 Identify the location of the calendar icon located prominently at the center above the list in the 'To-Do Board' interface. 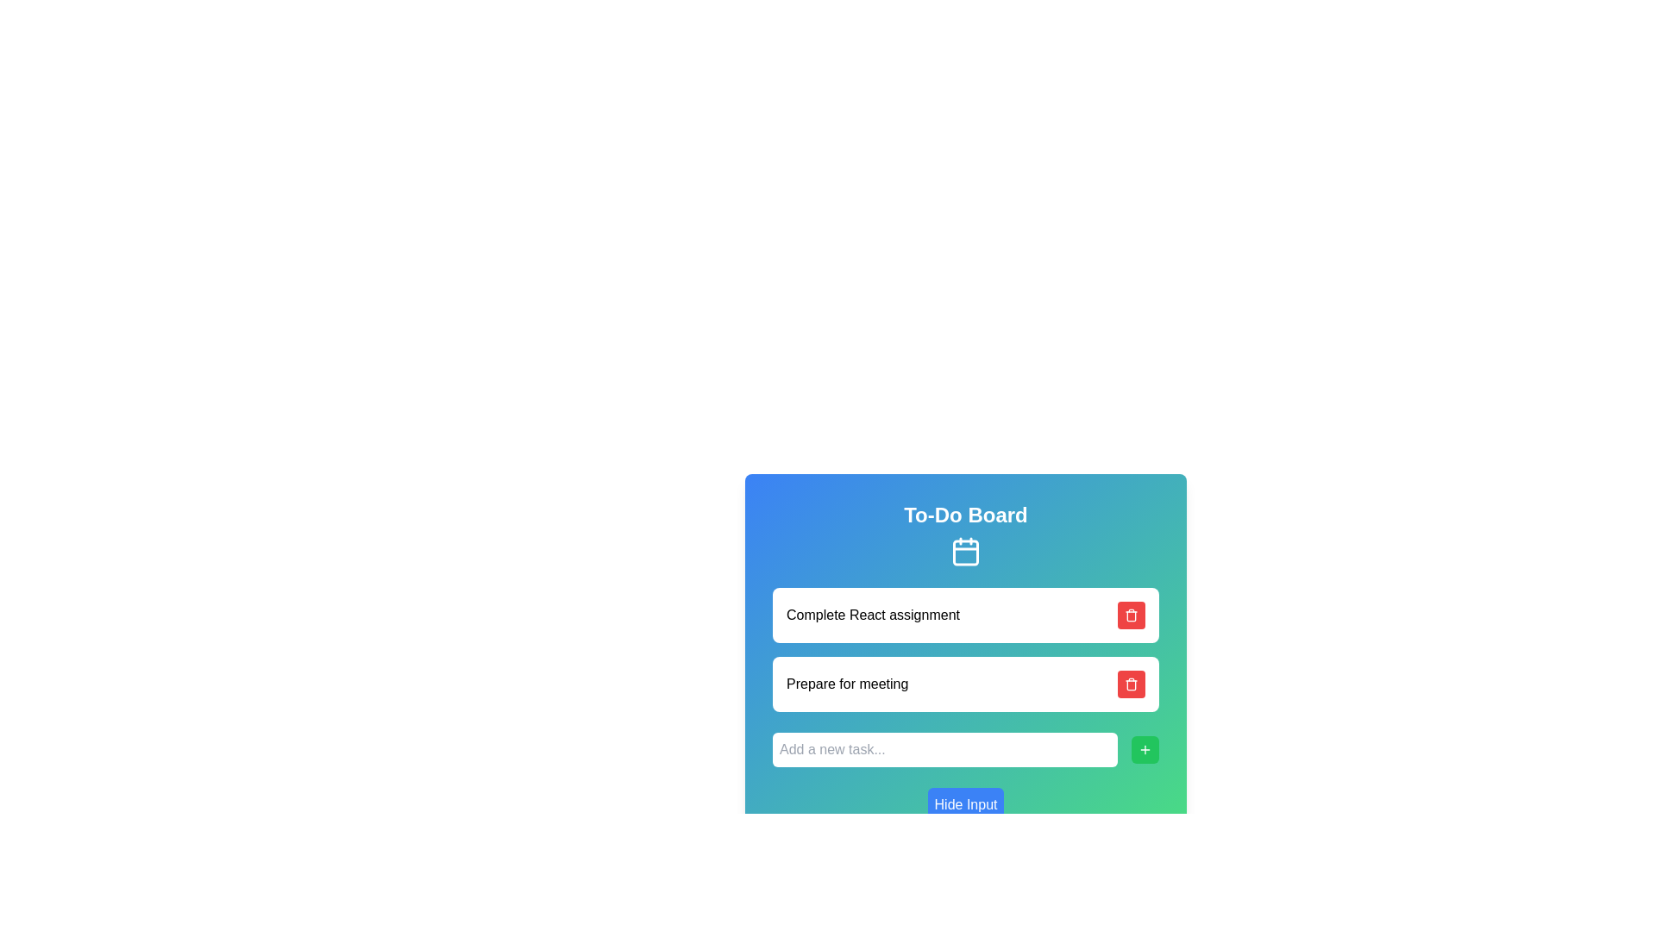
(964, 552).